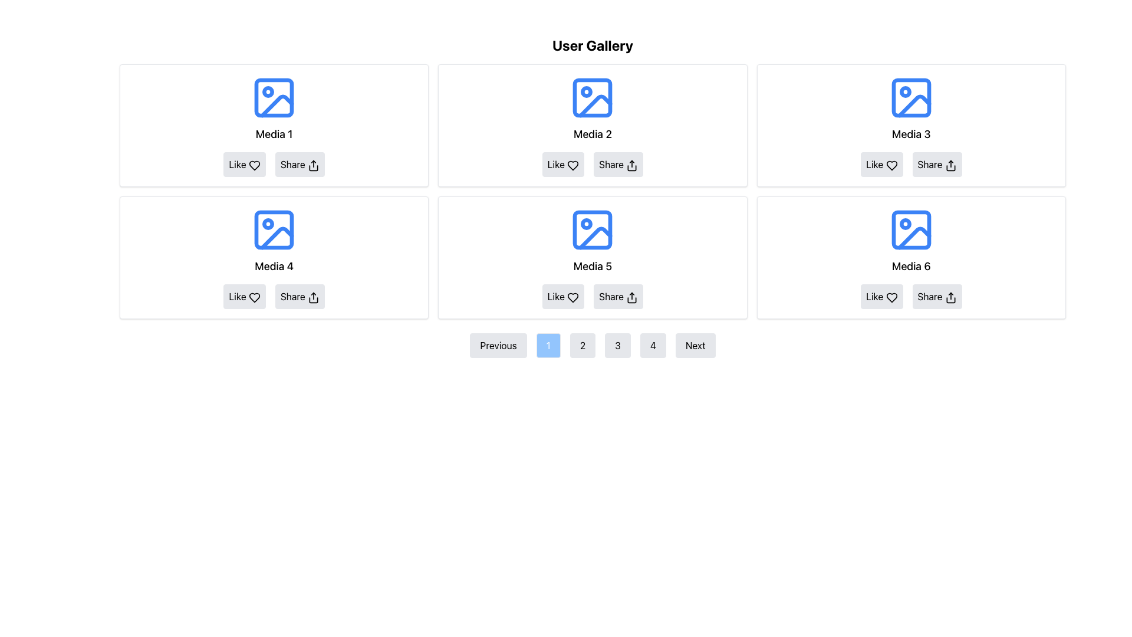 The image size is (1132, 637). I want to click on the Horizontal button group below the 'Media 5' image to trigger visual feedback, so click(593, 295).